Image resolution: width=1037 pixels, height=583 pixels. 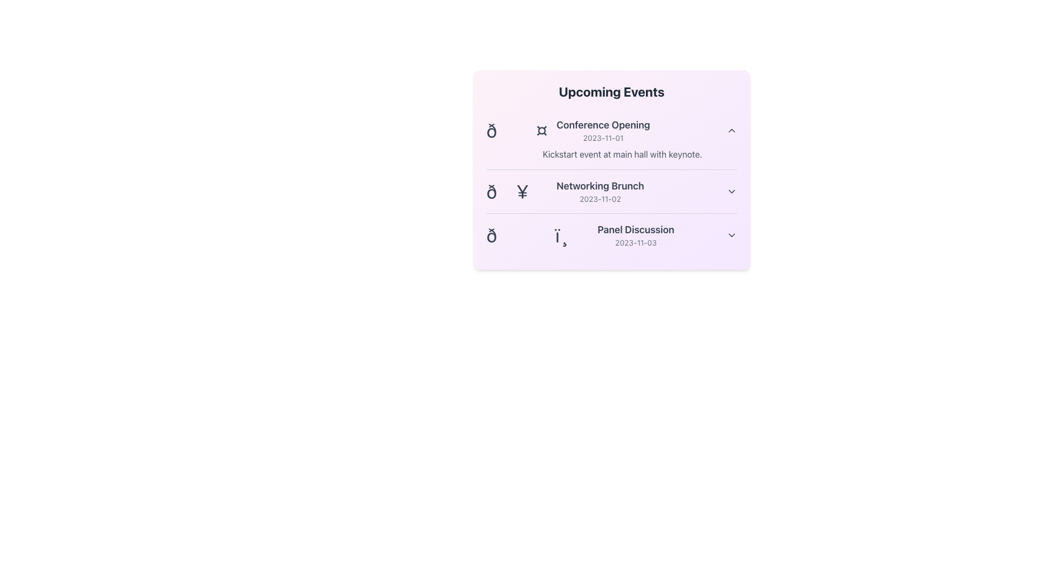 I want to click on date text element displaying '2023-11-03', which is located beneath the title 'Panel Discussion' in the events list, so click(x=636, y=243).